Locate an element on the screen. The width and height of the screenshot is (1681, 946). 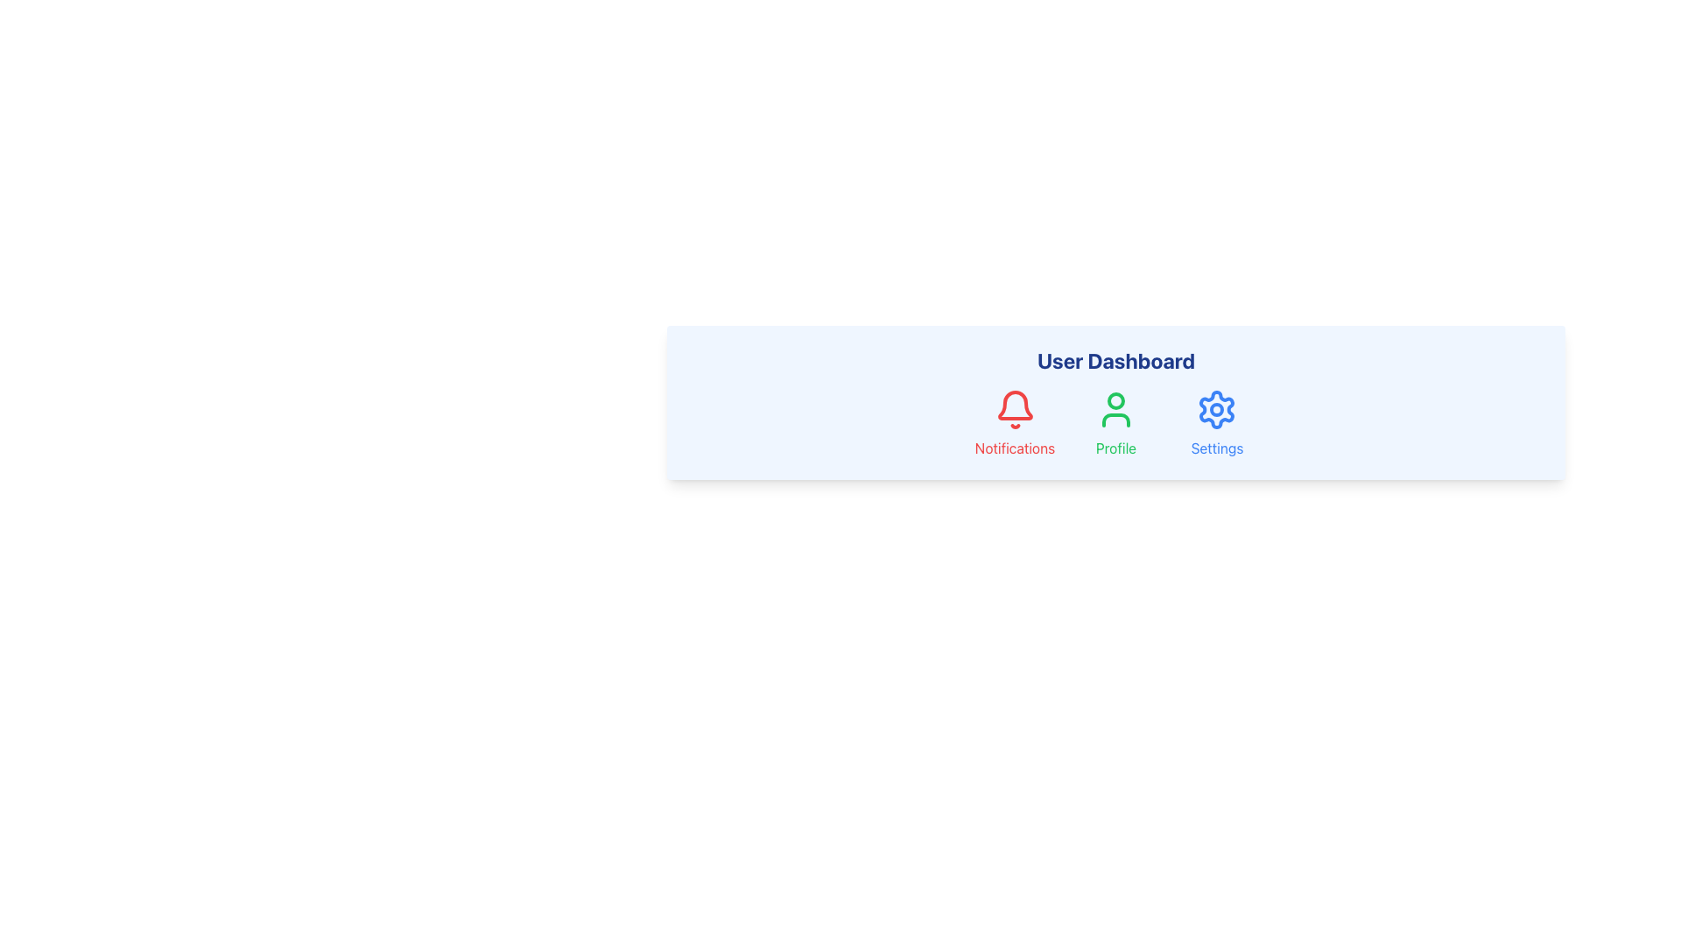
on the clickable text label that serves as a navigational link for accessing notifications, positioned centrally beneath the notification bell icon is located at coordinates (1015, 448).